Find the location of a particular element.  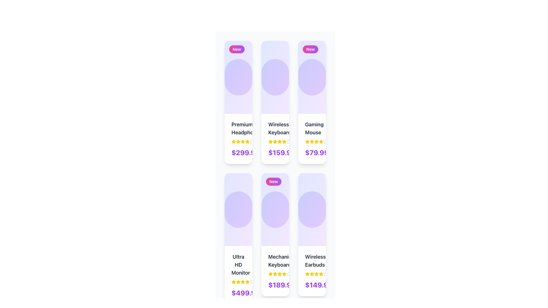

the fifth star SVG icon in the rating system for the 'Mechanical Keyboard' product, located in the second column of the second row of the product grid is located at coordinates (279, 273).